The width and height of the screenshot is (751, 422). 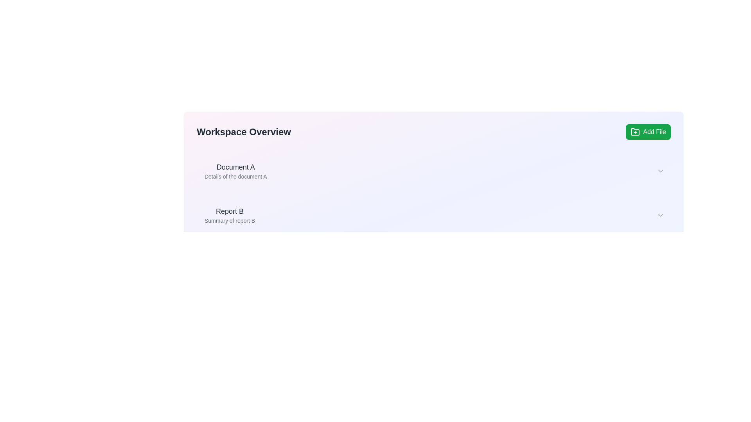 I want to click on the Text label that serves as the title for 'Document A', providing a clear label for the associated content, so click(x=235, y=167).